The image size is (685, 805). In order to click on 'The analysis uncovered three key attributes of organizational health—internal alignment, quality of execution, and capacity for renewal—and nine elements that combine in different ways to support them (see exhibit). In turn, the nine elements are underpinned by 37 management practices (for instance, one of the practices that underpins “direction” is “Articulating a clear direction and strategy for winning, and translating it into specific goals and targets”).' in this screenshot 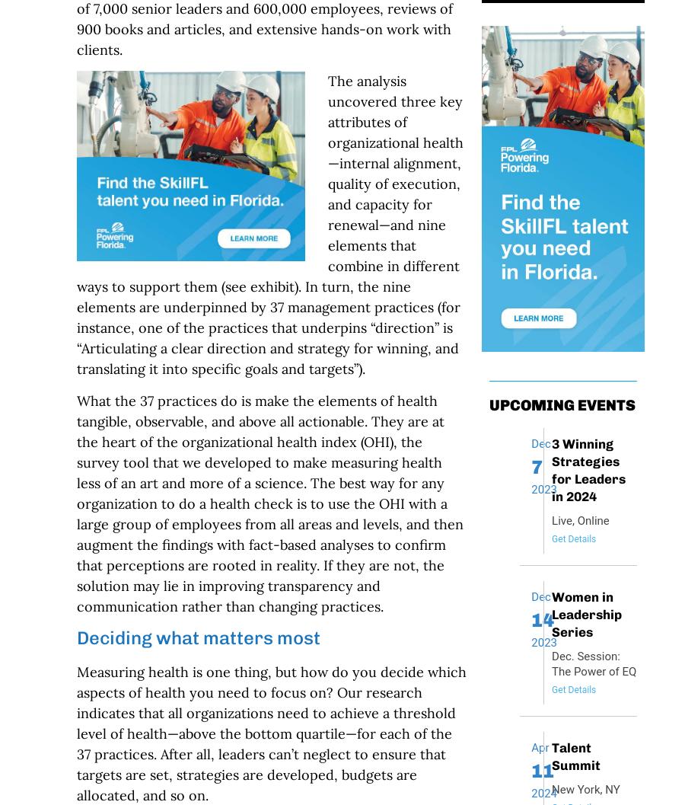, I will do `click(75, 224)`.